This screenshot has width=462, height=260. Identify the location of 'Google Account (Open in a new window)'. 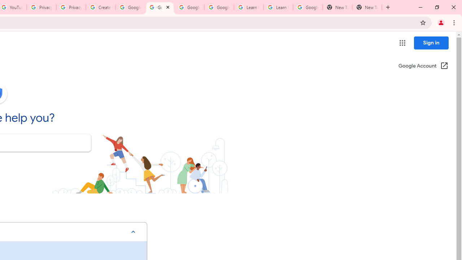
(423, 66).